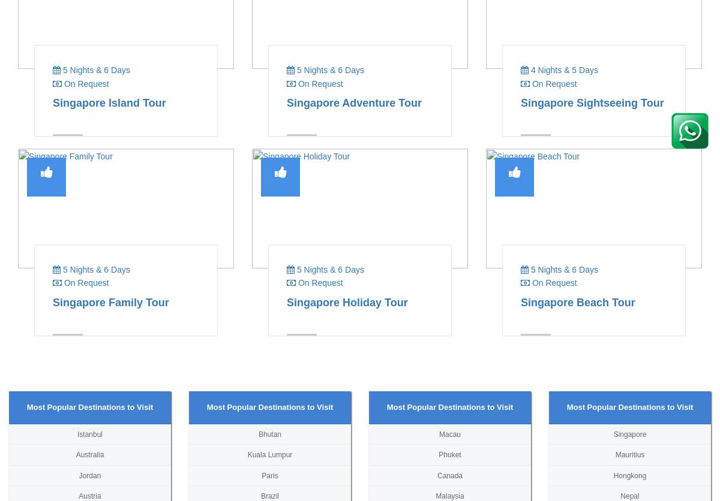 Image resolution: width=720 pixels, height=501 pixels. What do you see at coordinates (269, 495) in the screenshot?
I see `'Brazil'` at bounding box center [269, 495].